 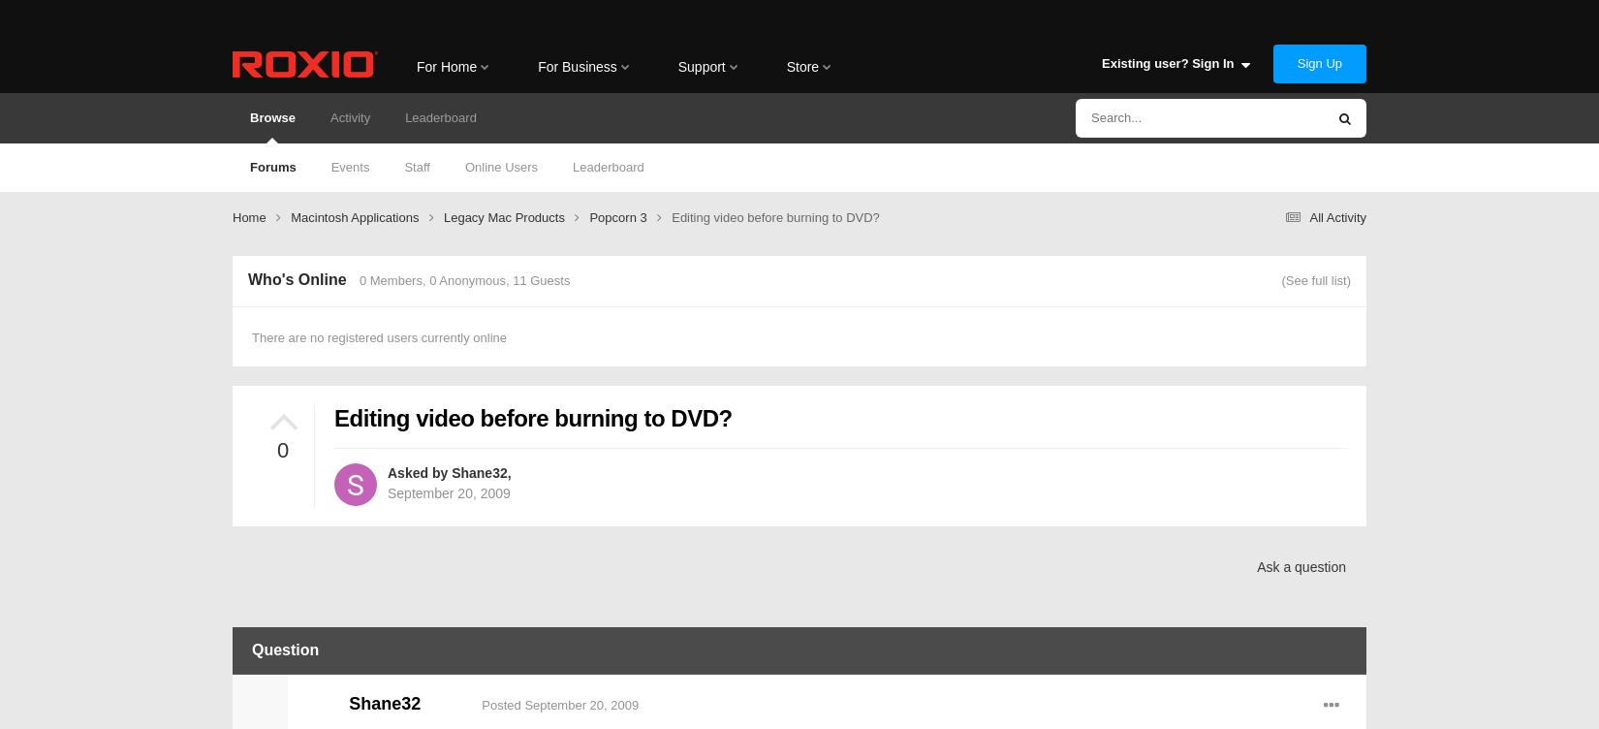 What do you see at coordinates (271, 116) in the screenshot?
I see `'Browse'` at bounding box center [271, 116].